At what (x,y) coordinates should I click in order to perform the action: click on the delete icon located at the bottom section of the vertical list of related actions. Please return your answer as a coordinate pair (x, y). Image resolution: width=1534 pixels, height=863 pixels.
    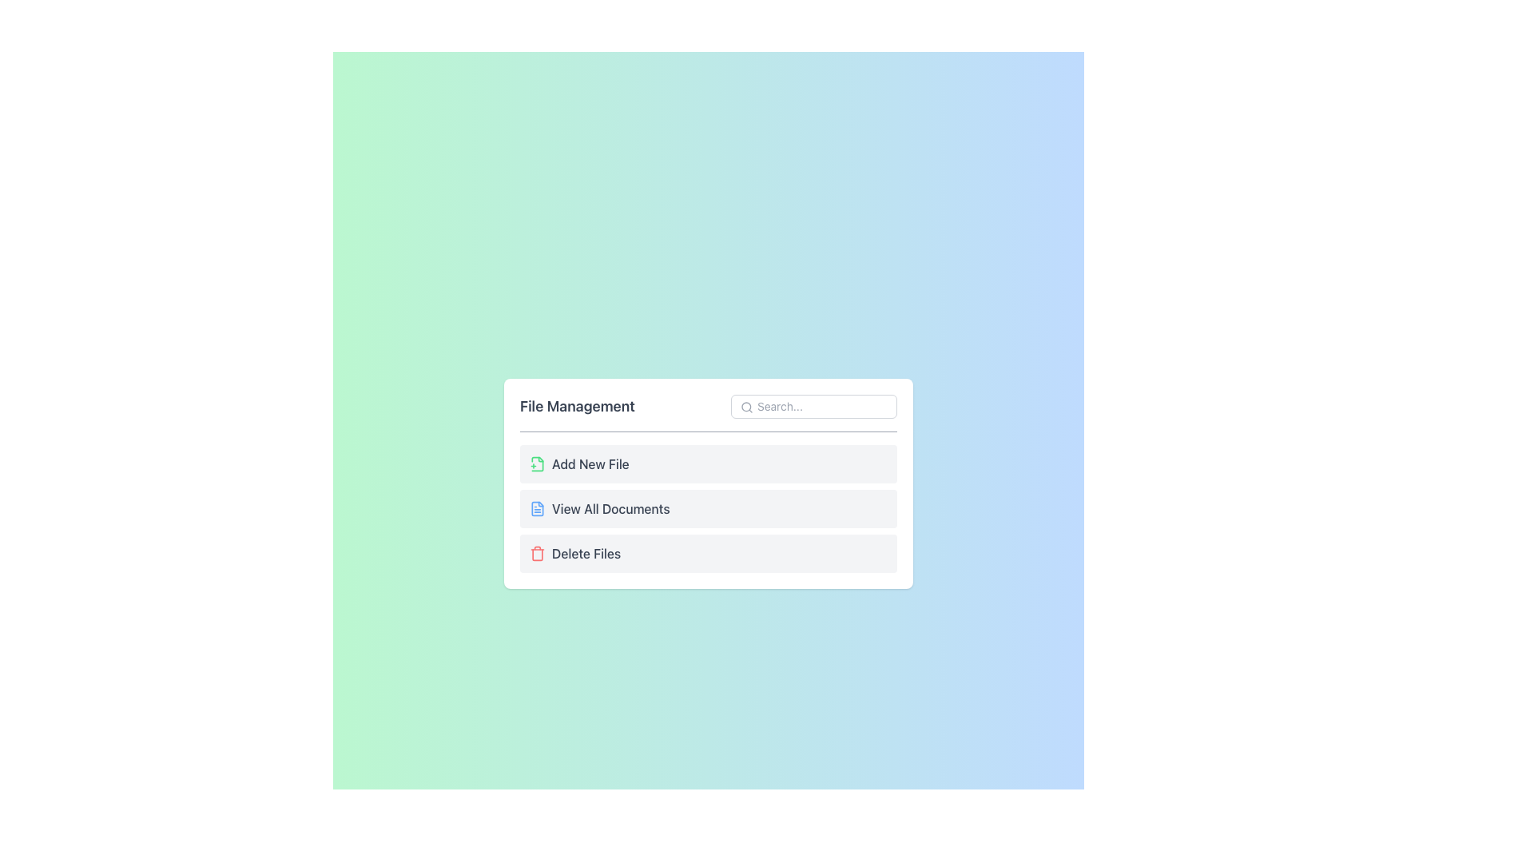
    Looking at the image, I should click on (537, 552).